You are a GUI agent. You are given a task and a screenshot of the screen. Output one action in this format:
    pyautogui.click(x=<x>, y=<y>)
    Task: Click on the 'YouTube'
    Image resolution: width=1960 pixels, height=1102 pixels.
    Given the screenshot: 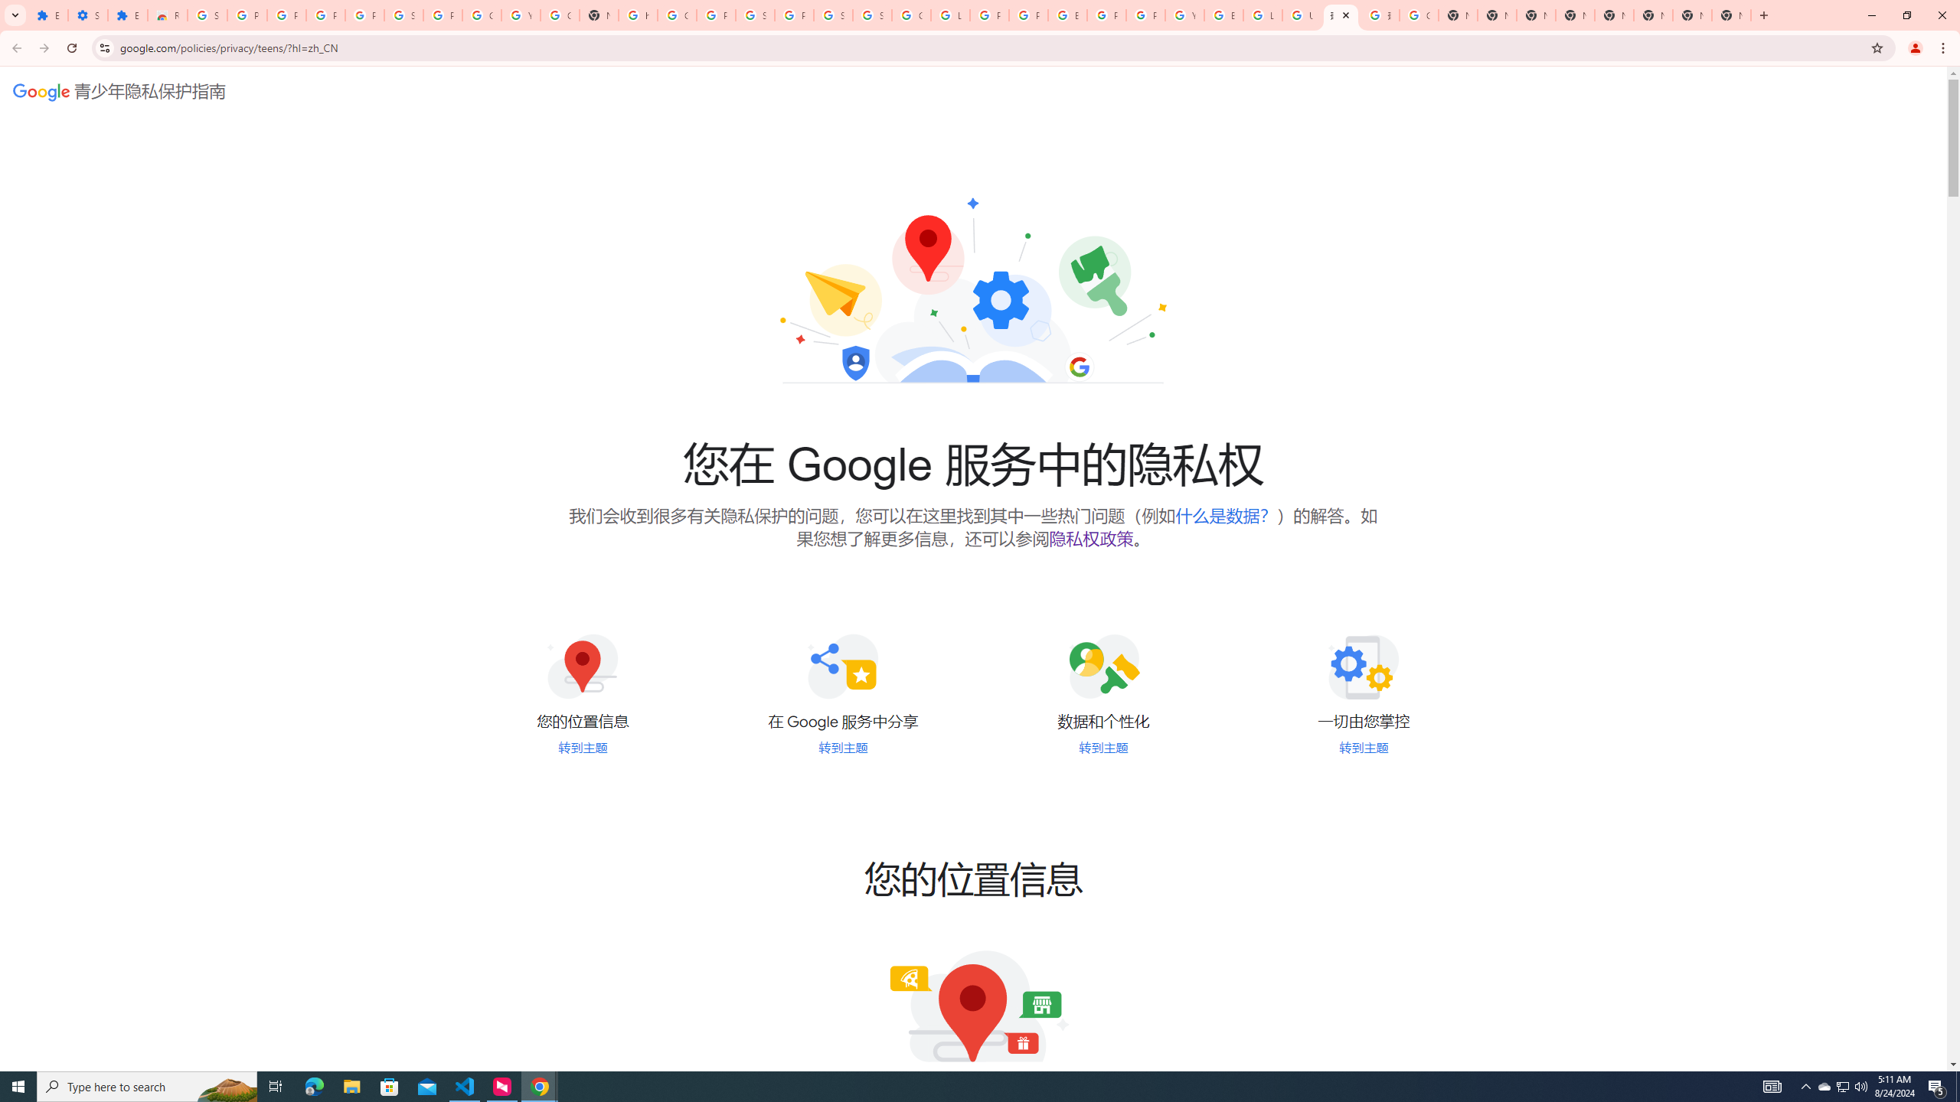 What is the action you would take?
    pyautogui.click(x=1184, y=15)
    